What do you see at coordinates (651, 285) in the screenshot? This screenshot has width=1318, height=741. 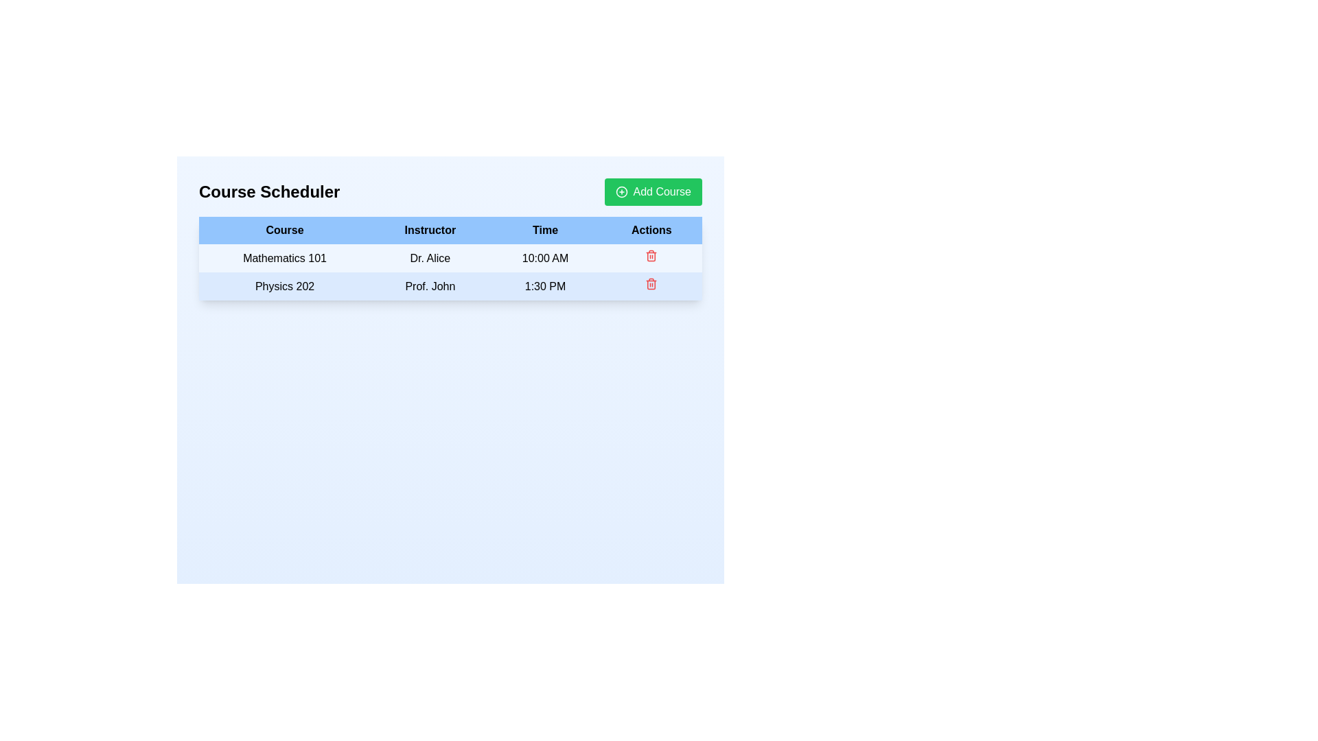 I see `the red trash can icon button` at bounding box center [651, 285].